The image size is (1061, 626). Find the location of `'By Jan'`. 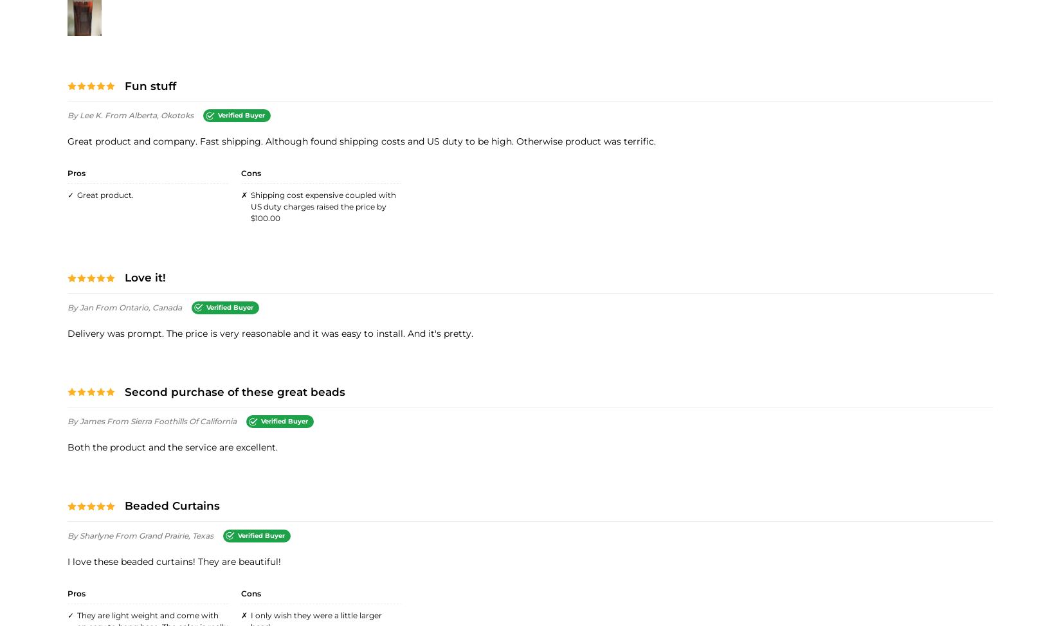

'By Jan' is located at coordinates (81, 306).